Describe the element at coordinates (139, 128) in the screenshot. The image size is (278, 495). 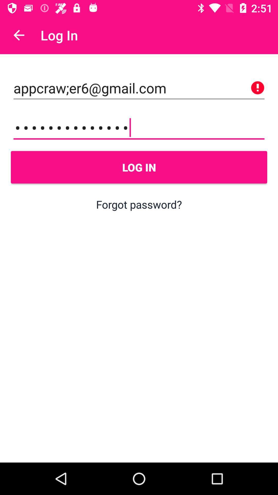
I see `appcrawler3116 icon` at that location.